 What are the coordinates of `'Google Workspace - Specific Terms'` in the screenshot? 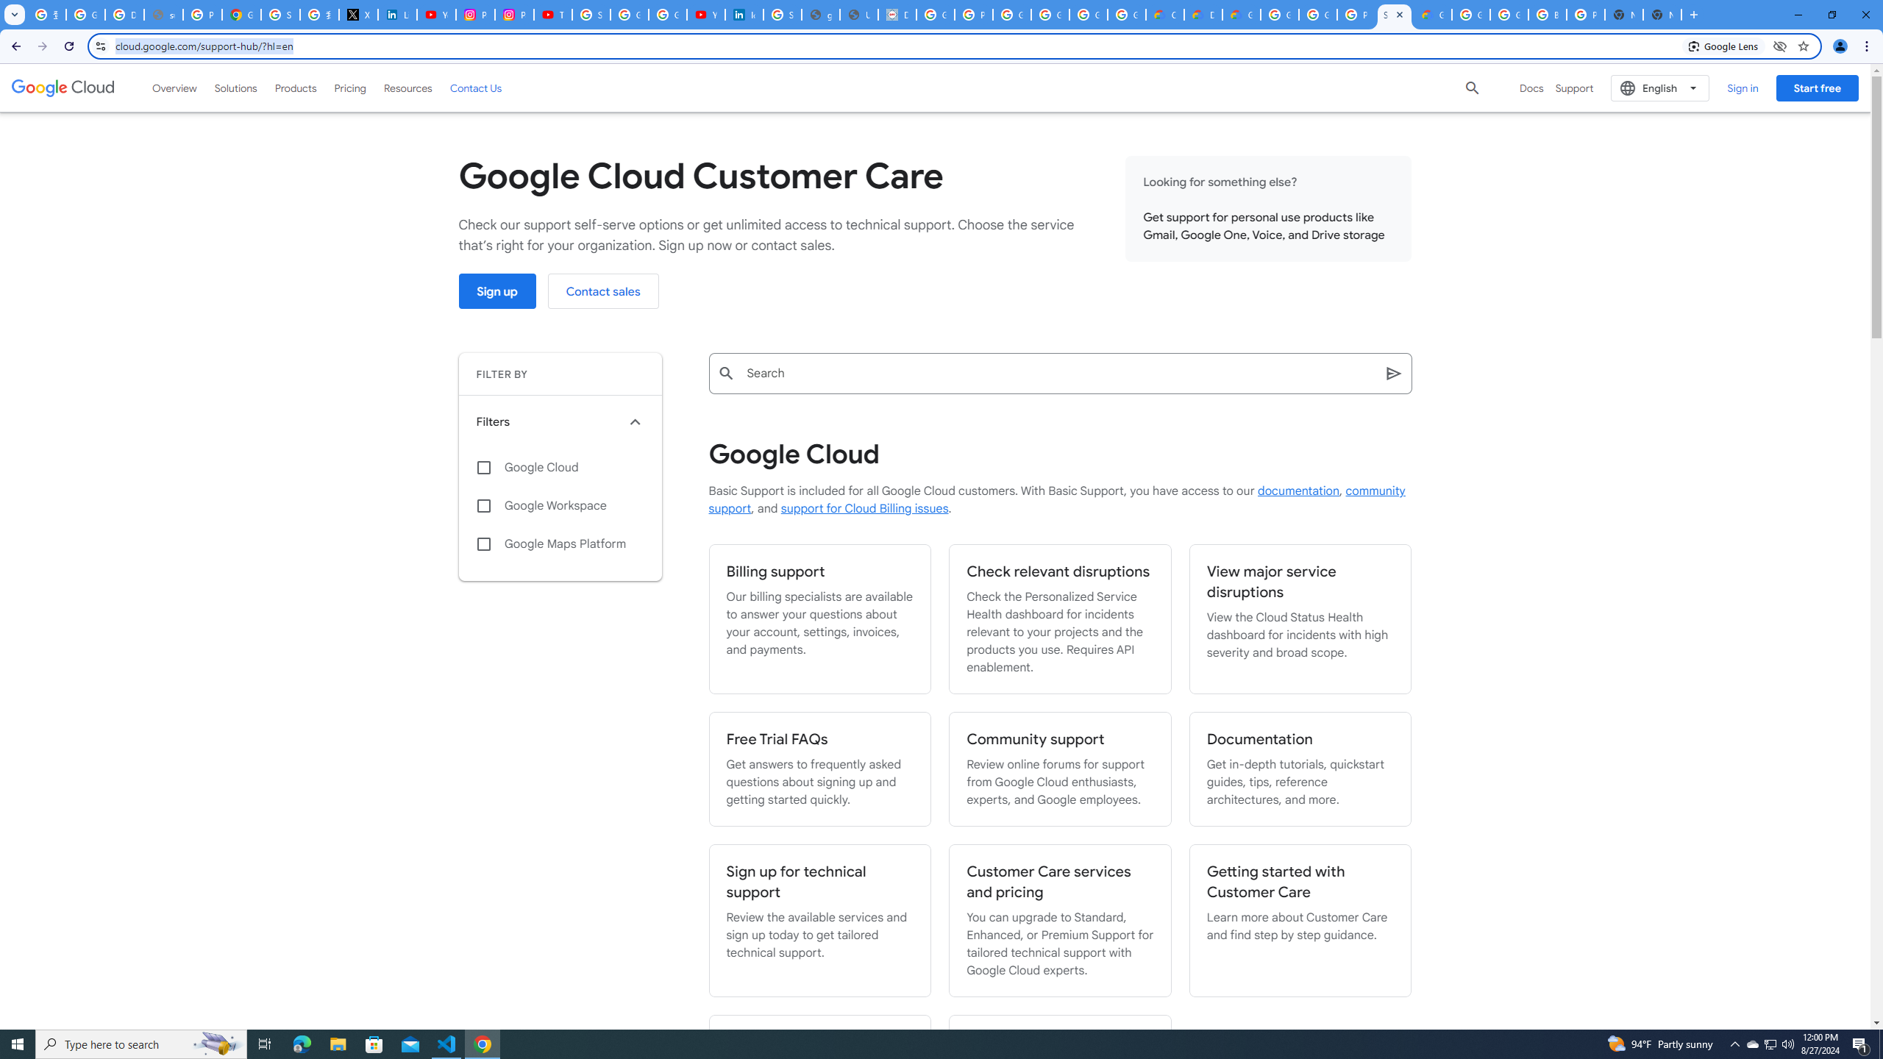 It's located at (1088, 14).